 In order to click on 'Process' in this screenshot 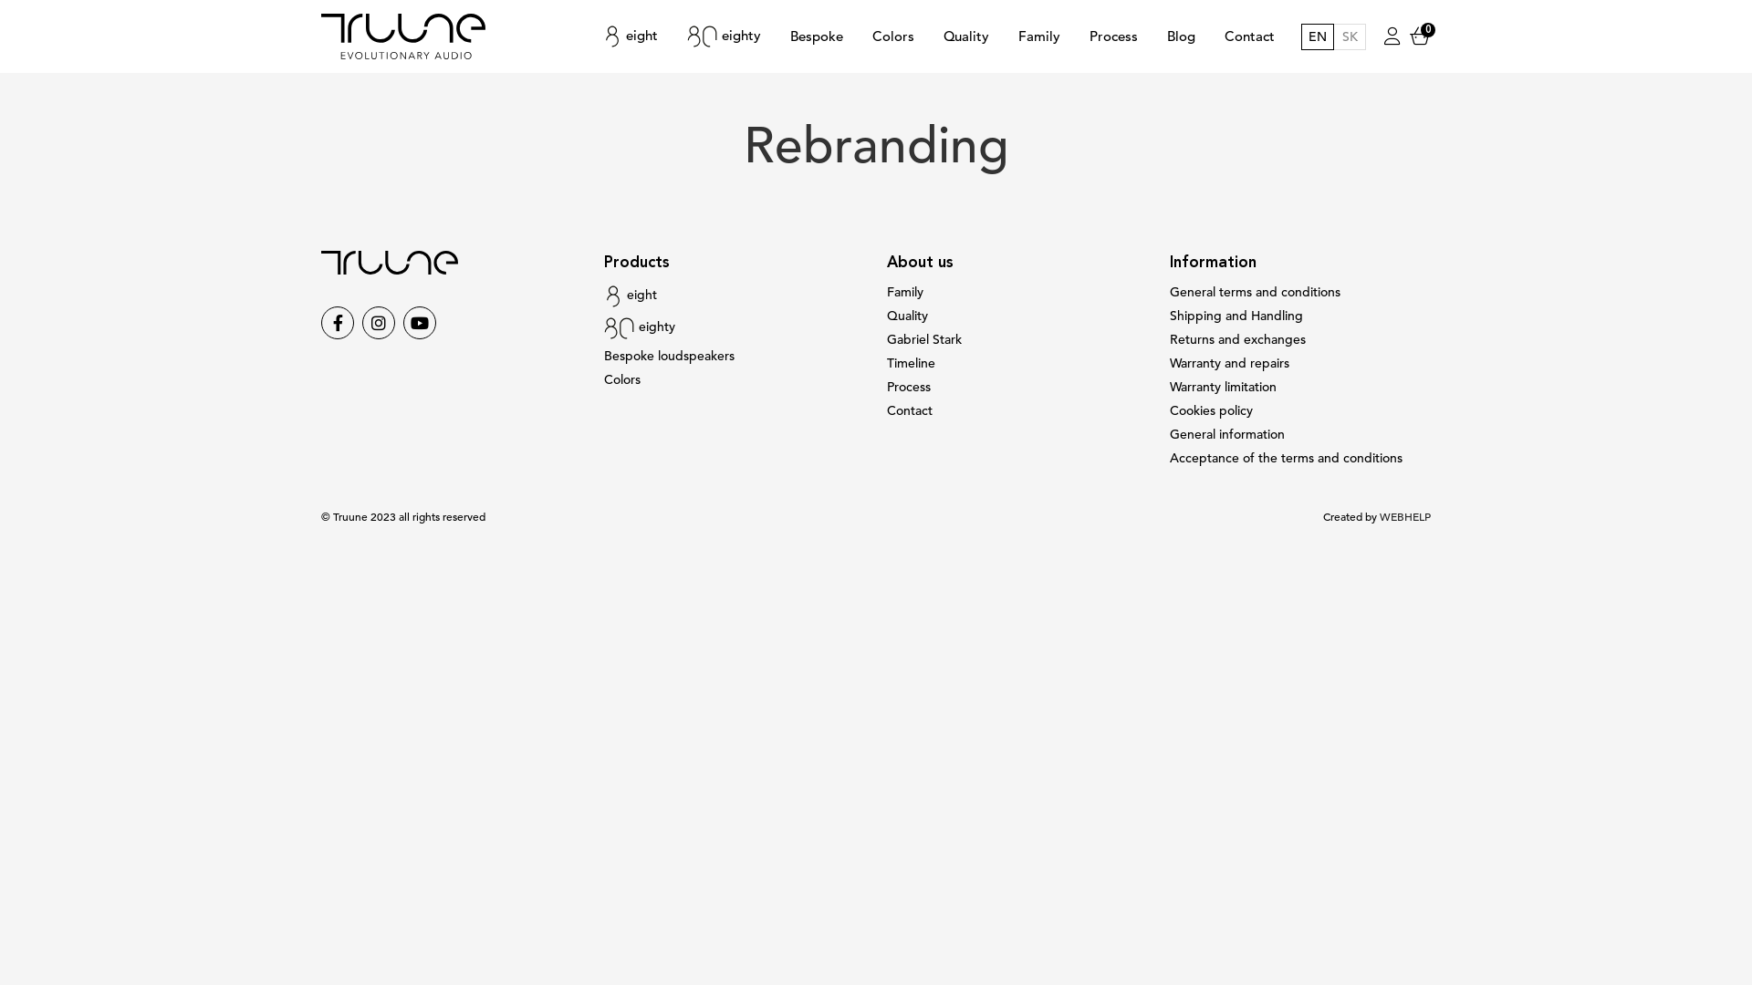, I will do `click(1112, 36)`.